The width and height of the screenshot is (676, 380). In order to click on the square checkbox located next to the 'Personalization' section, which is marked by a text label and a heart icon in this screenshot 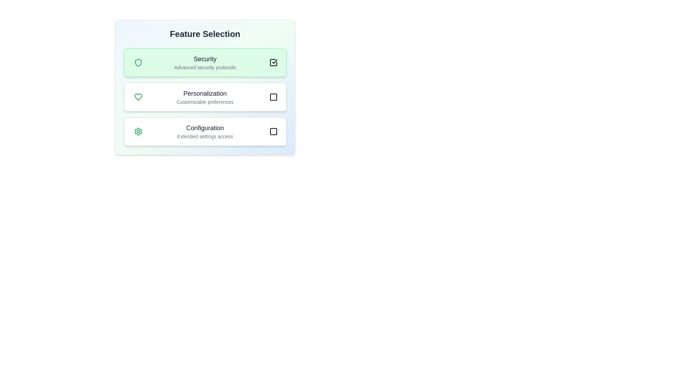, I will do `click(273, 97)`.